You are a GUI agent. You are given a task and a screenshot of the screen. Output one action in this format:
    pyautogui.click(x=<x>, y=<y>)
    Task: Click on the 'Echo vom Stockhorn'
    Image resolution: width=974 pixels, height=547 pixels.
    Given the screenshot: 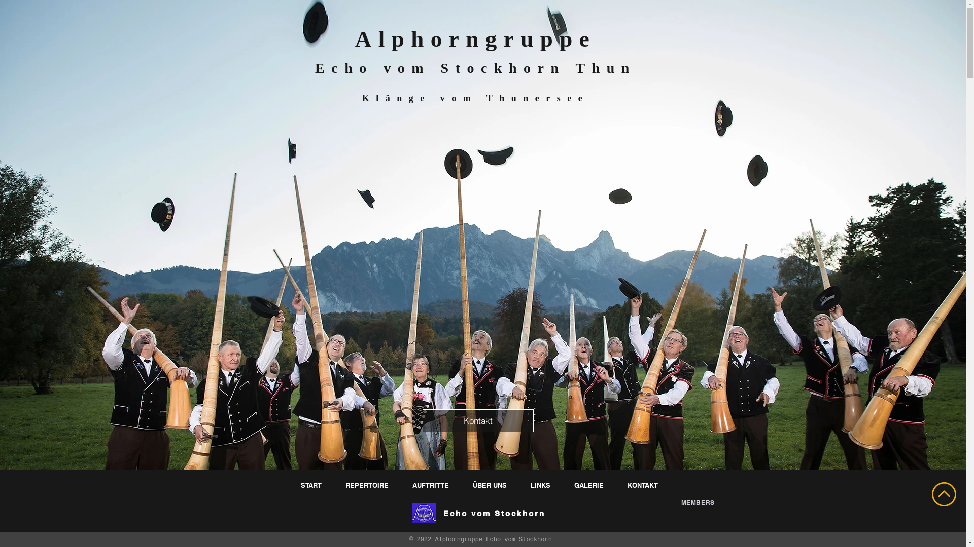 What is the action you would take?
    pyautogui.click(x=494, y=513)
    